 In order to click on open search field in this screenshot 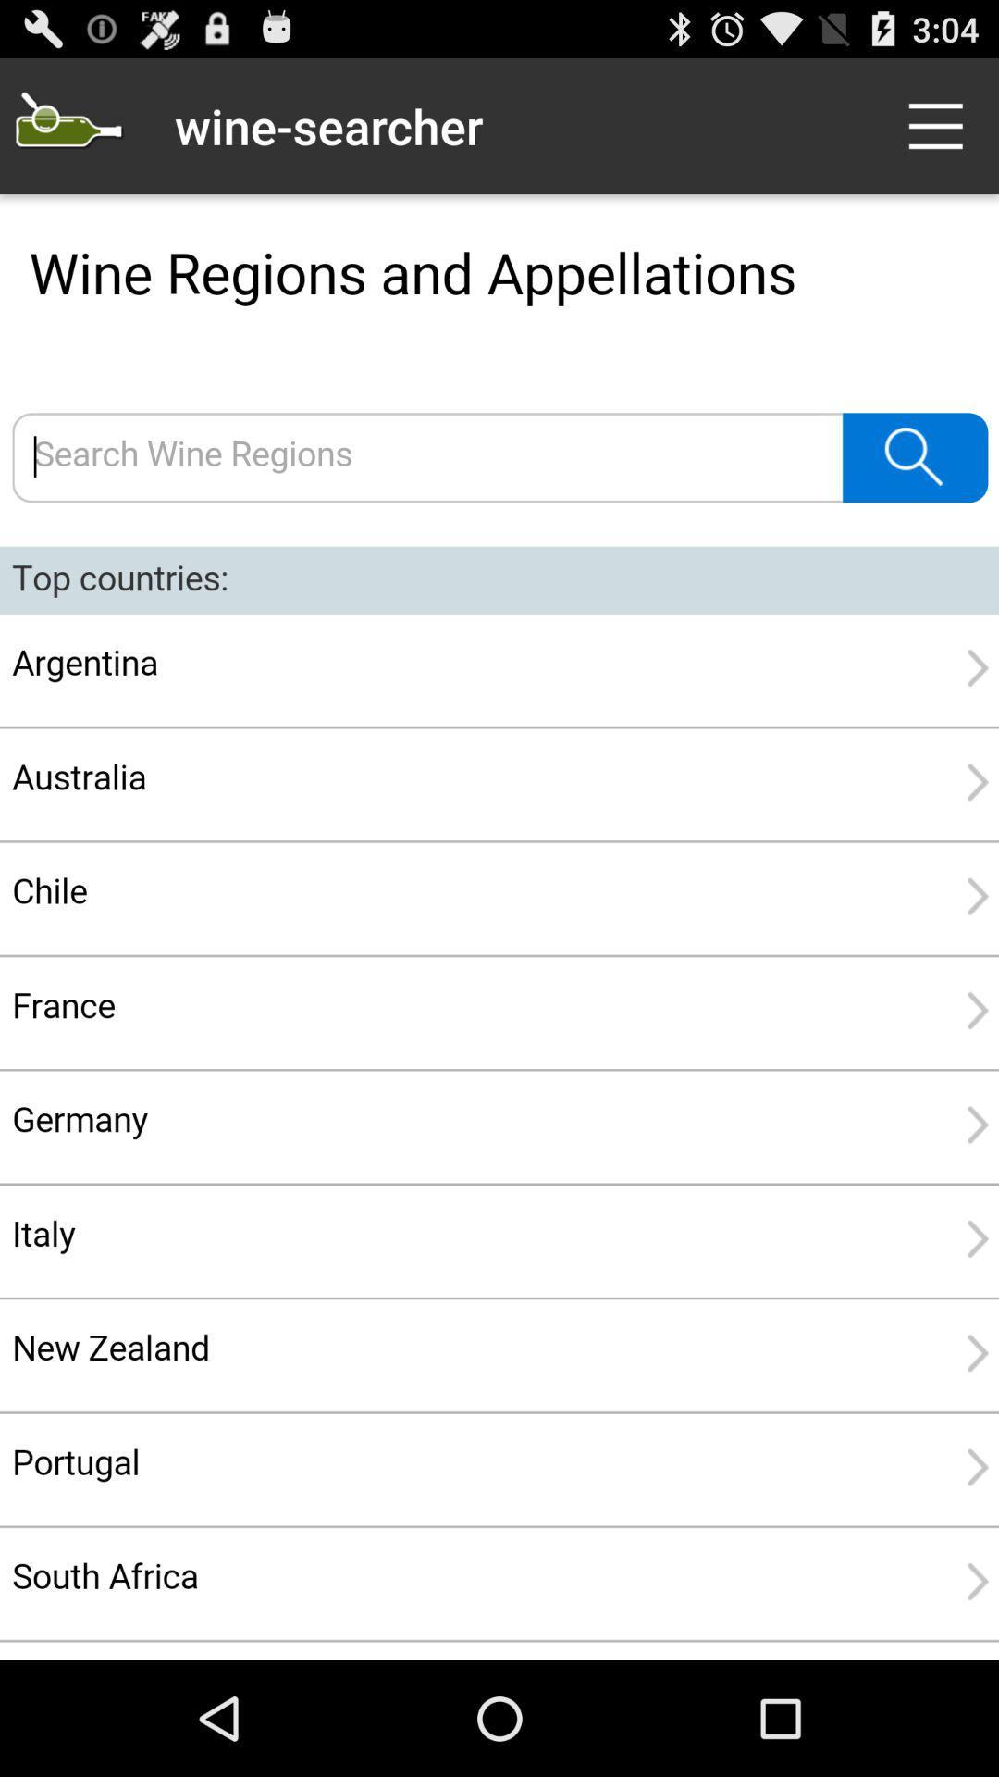, I will do `click(67, 125)`.